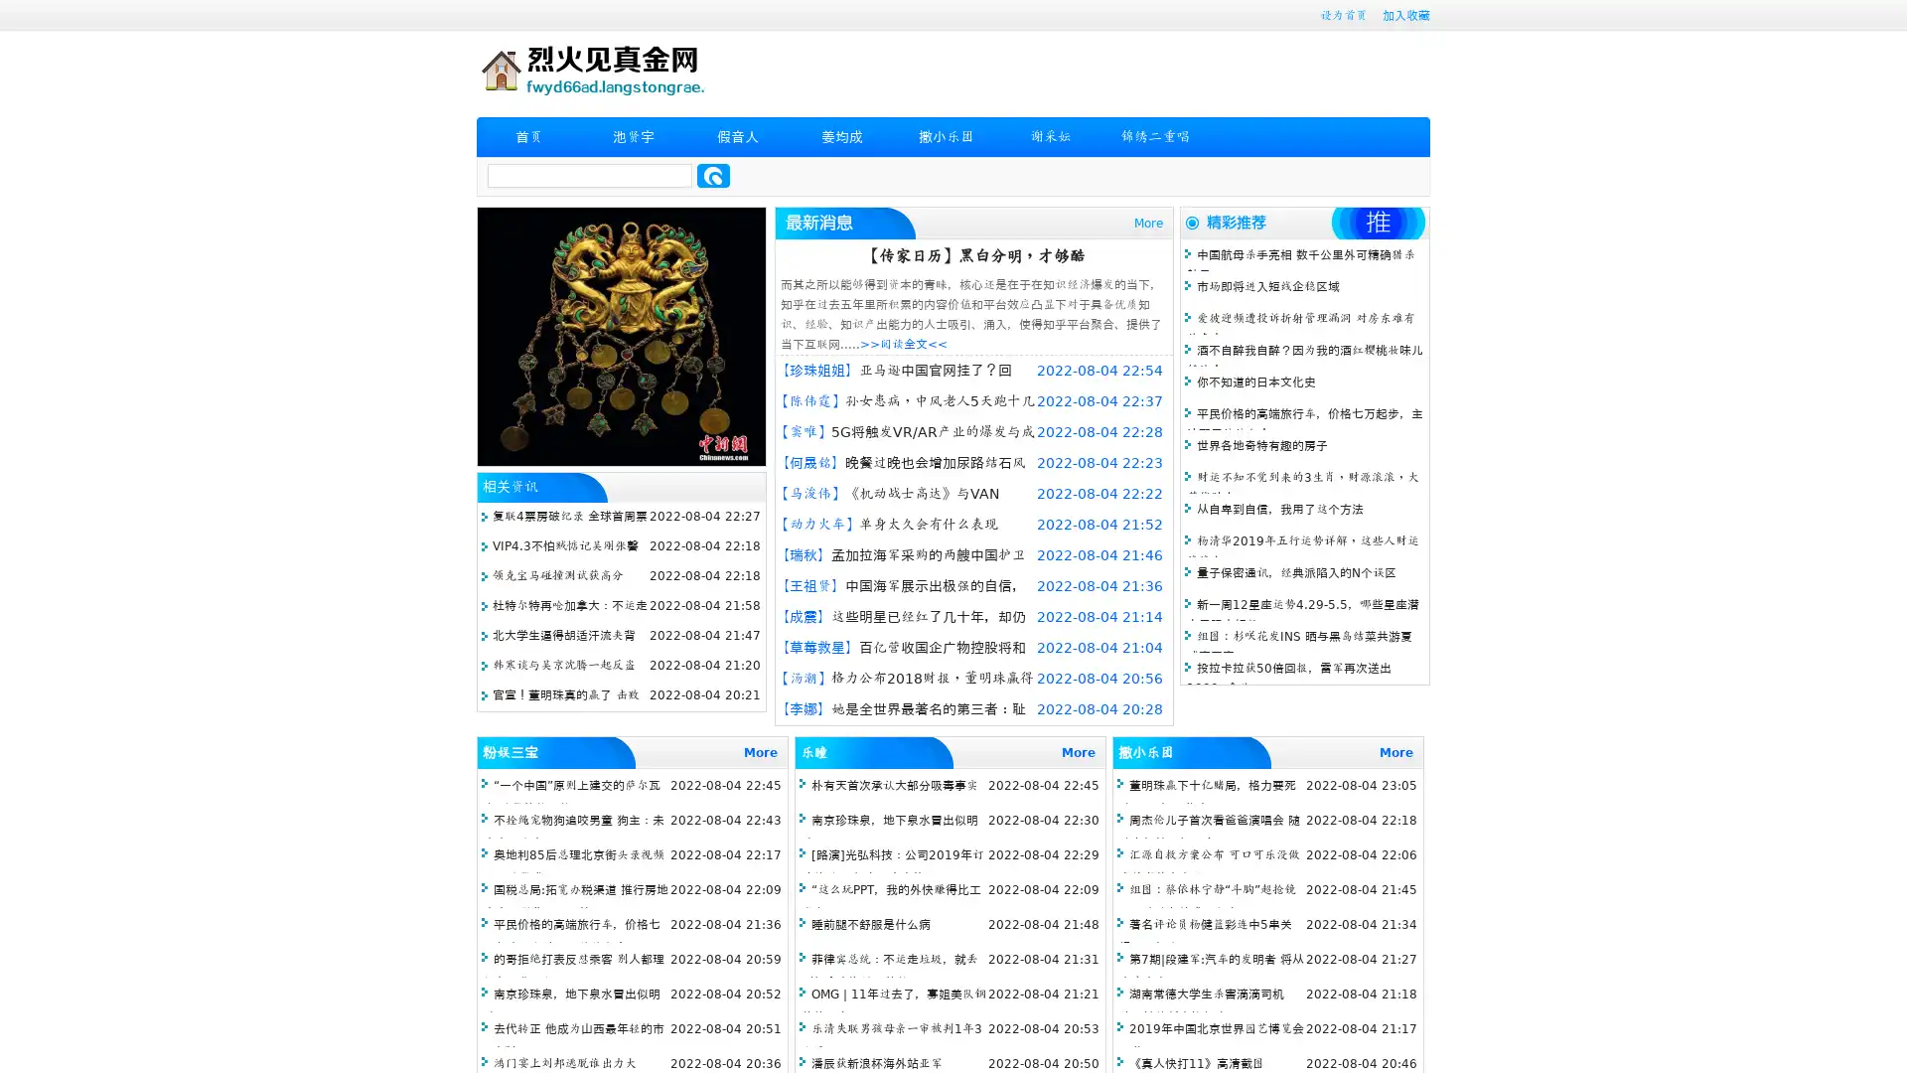  What do you see at coordinates (713, 175) in the screenshot?
I see `Search` at bounding box center [713, 175].